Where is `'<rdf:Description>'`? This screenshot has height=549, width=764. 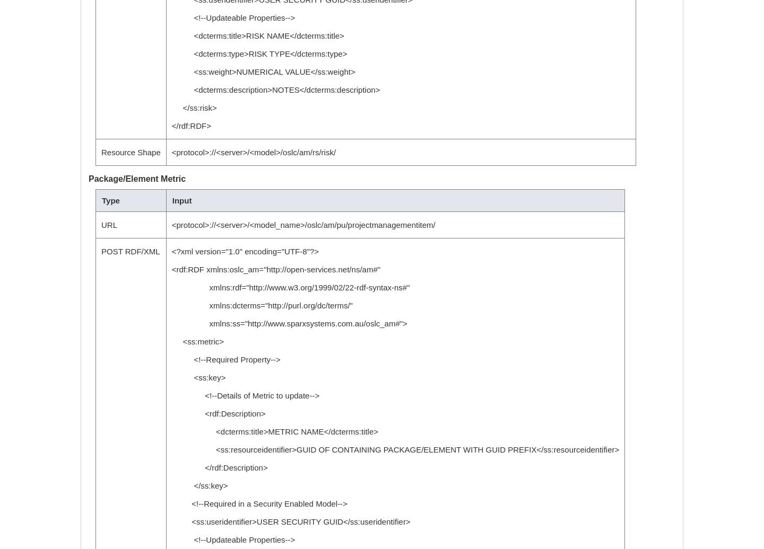
'<rdf:Description>' is located at coordinates (171, 413).